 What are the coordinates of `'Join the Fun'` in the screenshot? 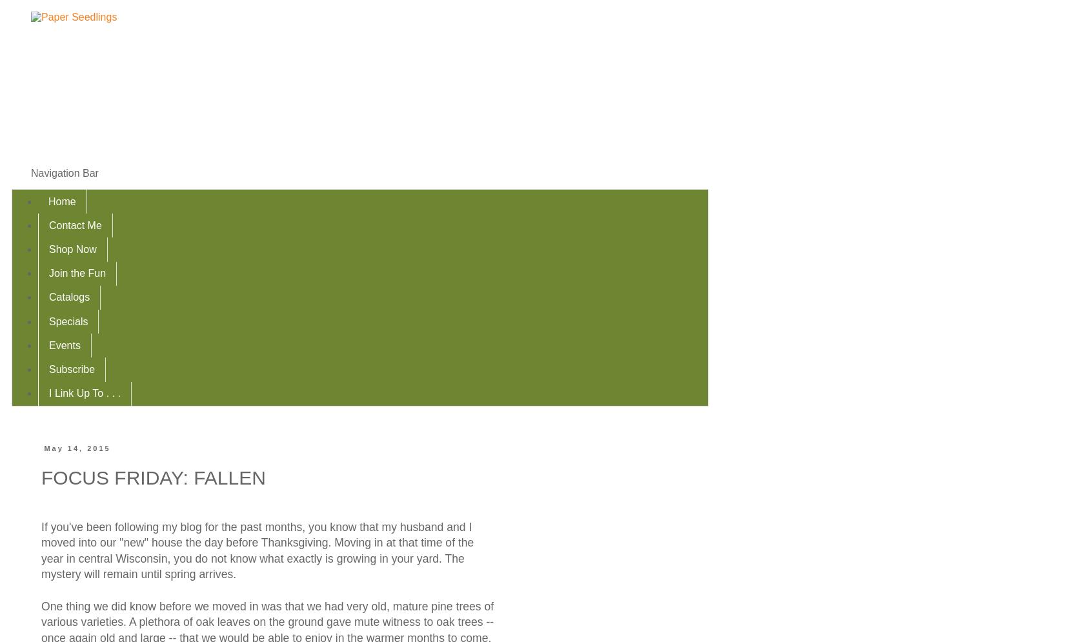 It's located at (77, 272).